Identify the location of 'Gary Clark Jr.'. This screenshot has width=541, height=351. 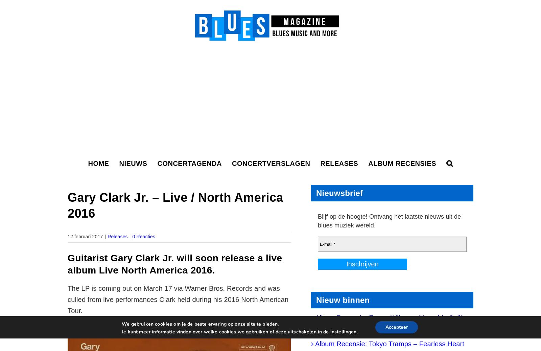
(142, 258).